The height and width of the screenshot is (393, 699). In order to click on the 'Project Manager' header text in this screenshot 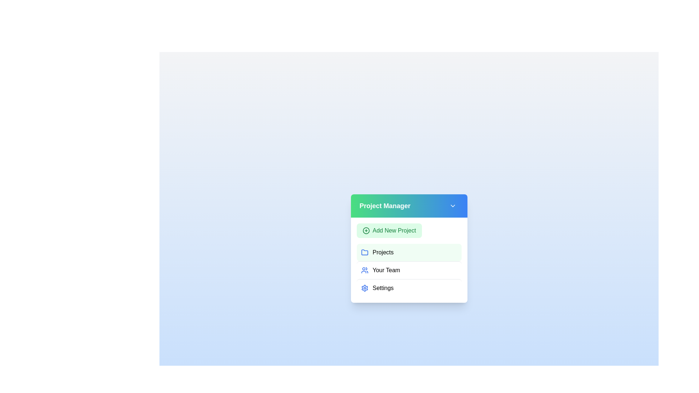, I will do `click(384, 206)`.